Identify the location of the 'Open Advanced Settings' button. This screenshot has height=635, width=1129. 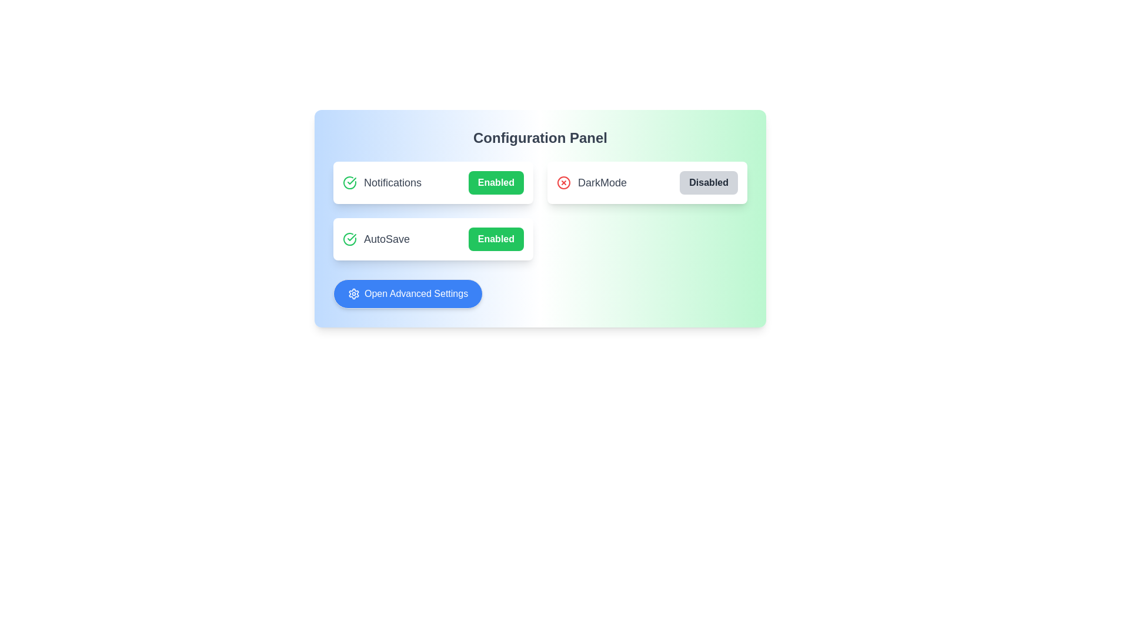
(408, 293).